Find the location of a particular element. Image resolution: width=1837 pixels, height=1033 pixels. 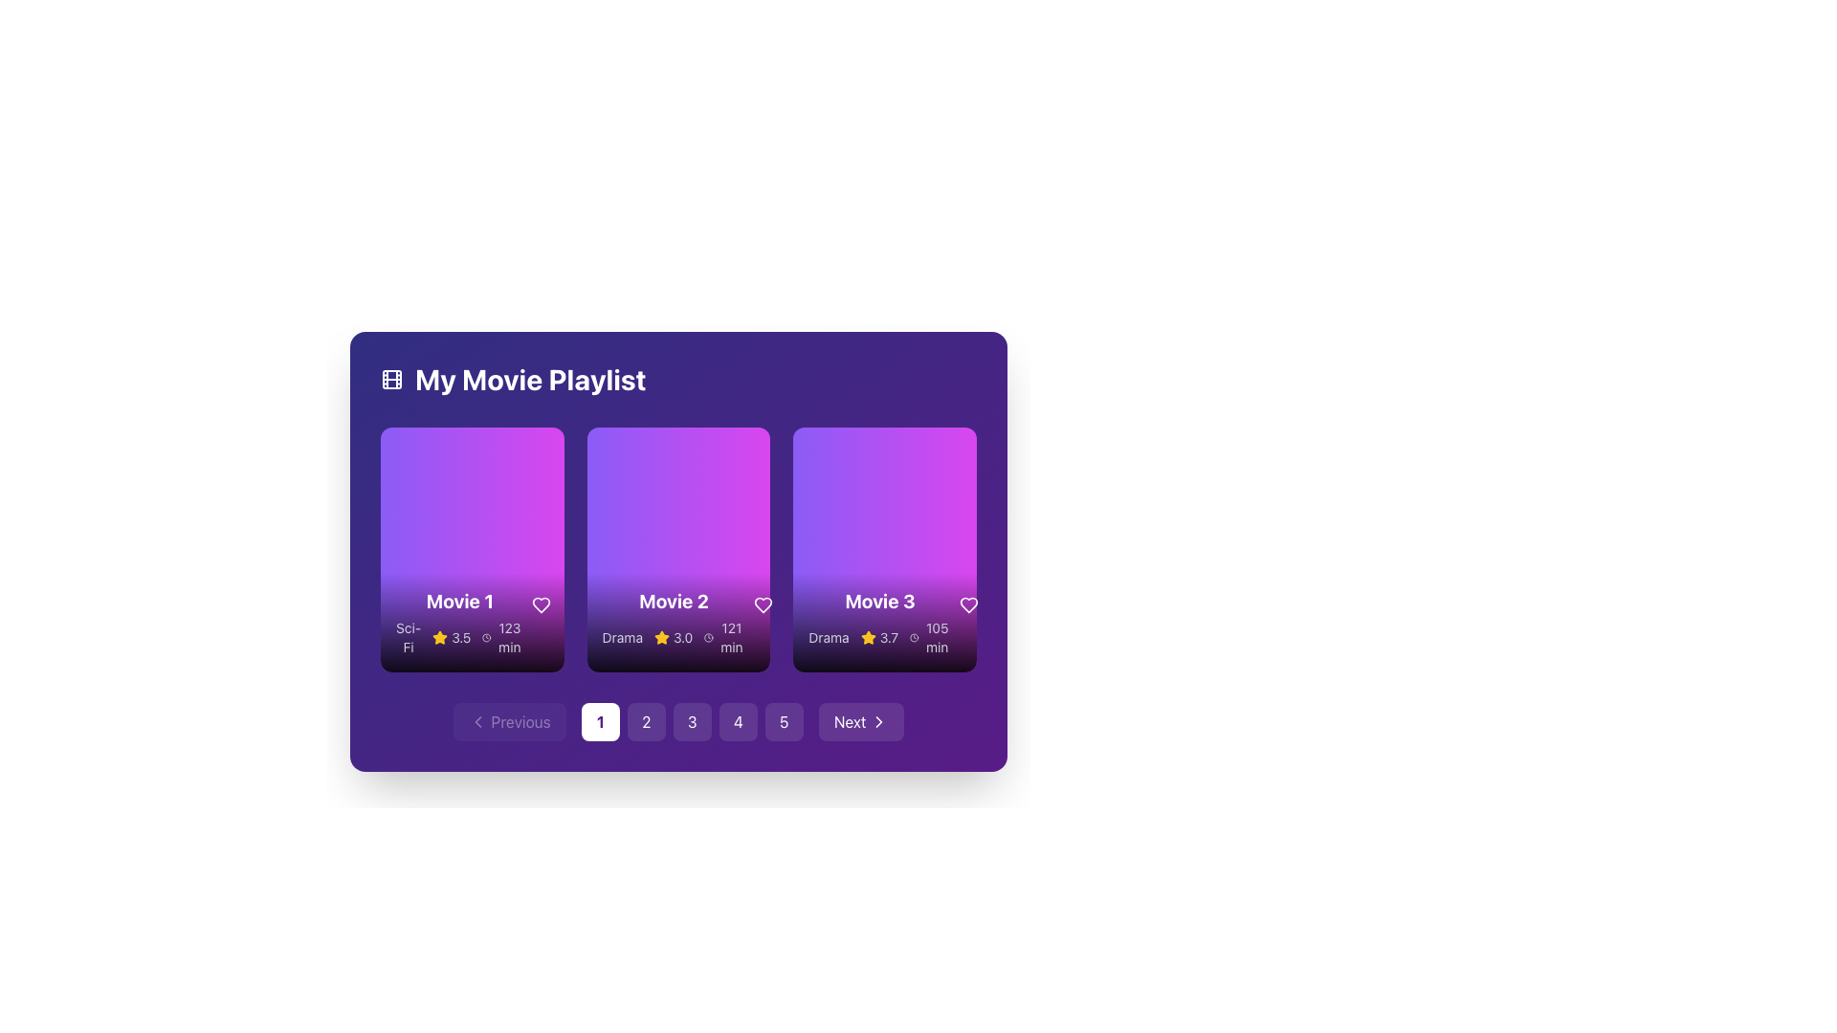

numeric rating '3.7' displayed in the Rating component below the title 'Movie 3' in the third movie card of the playlist is located at coordinates (878, 638).